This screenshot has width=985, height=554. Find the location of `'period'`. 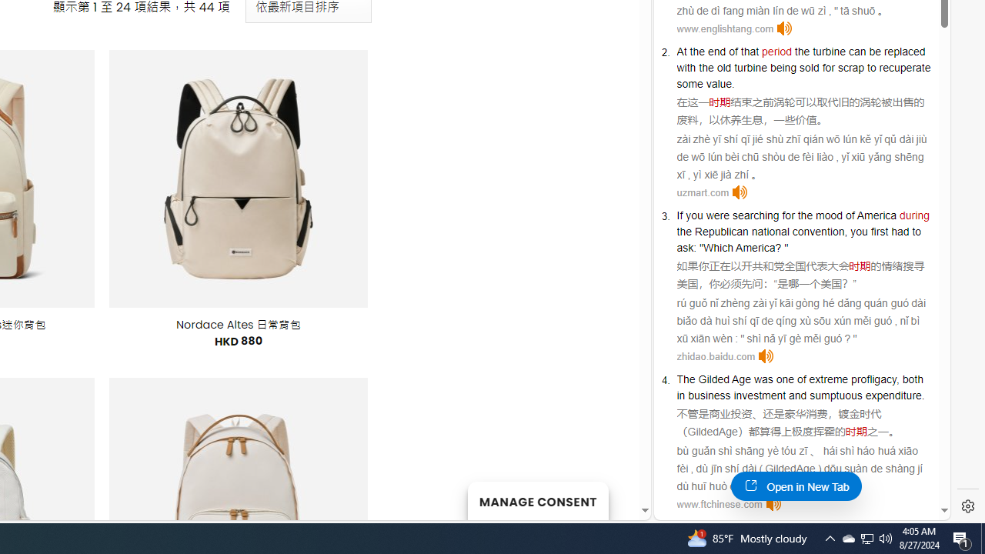

'period' is located at coordinates (776, 50).